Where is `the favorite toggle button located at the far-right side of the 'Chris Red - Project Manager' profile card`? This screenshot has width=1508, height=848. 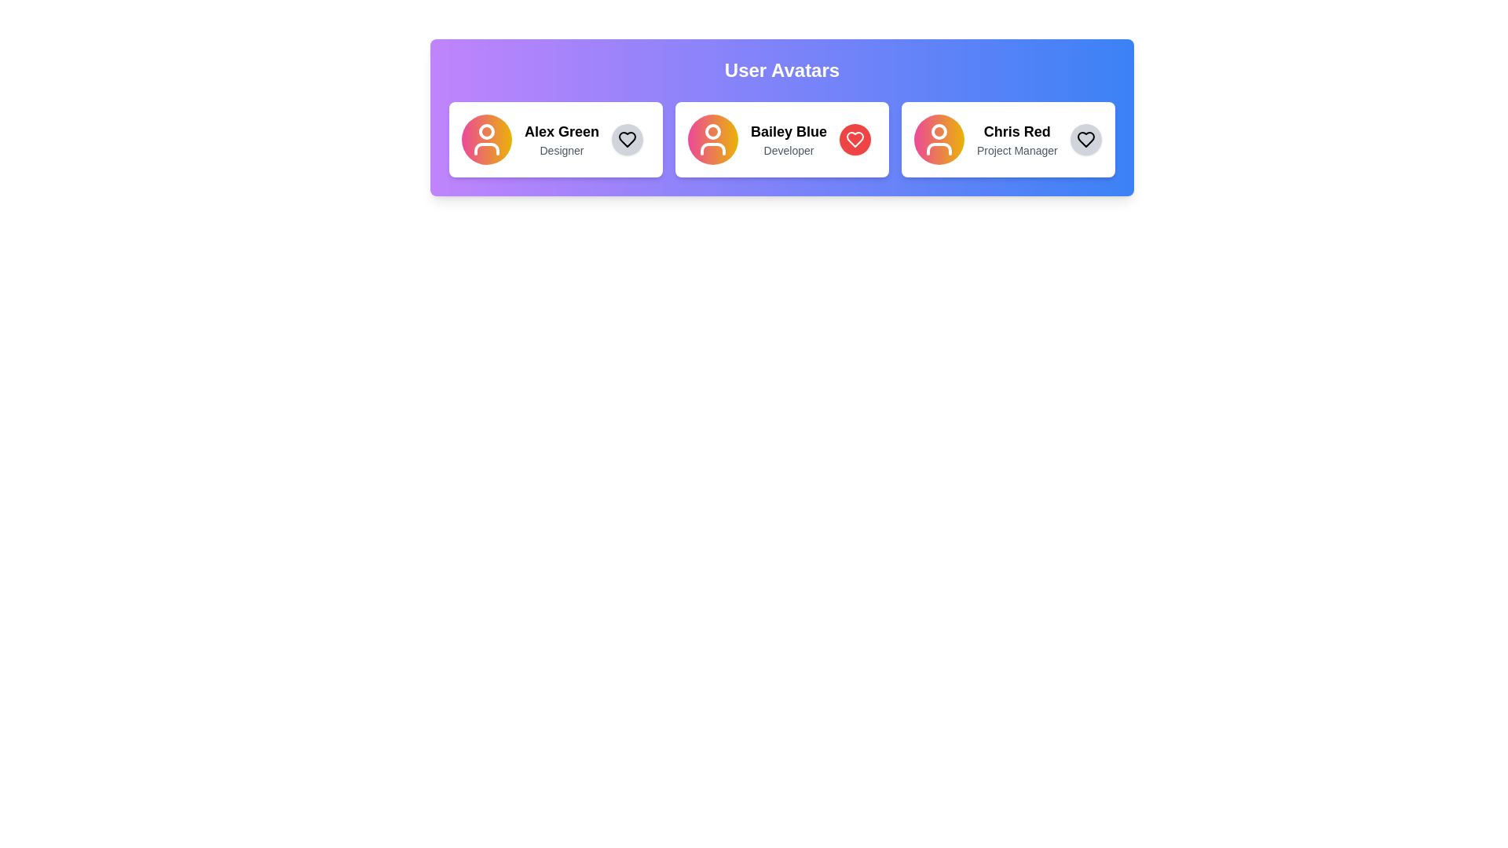
the favorite toggle button located at the far-right side of the 'Chris Red - Project Manager' profile card is located at coordinates (1085, 138).